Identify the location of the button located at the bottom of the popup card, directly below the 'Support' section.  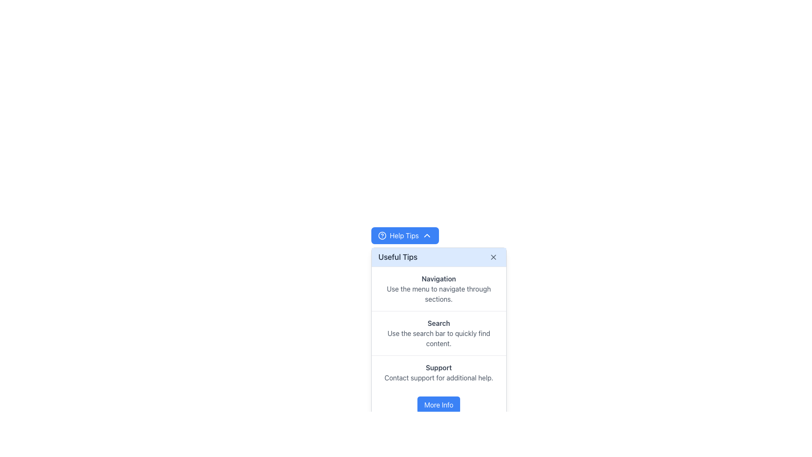
(439, 404).